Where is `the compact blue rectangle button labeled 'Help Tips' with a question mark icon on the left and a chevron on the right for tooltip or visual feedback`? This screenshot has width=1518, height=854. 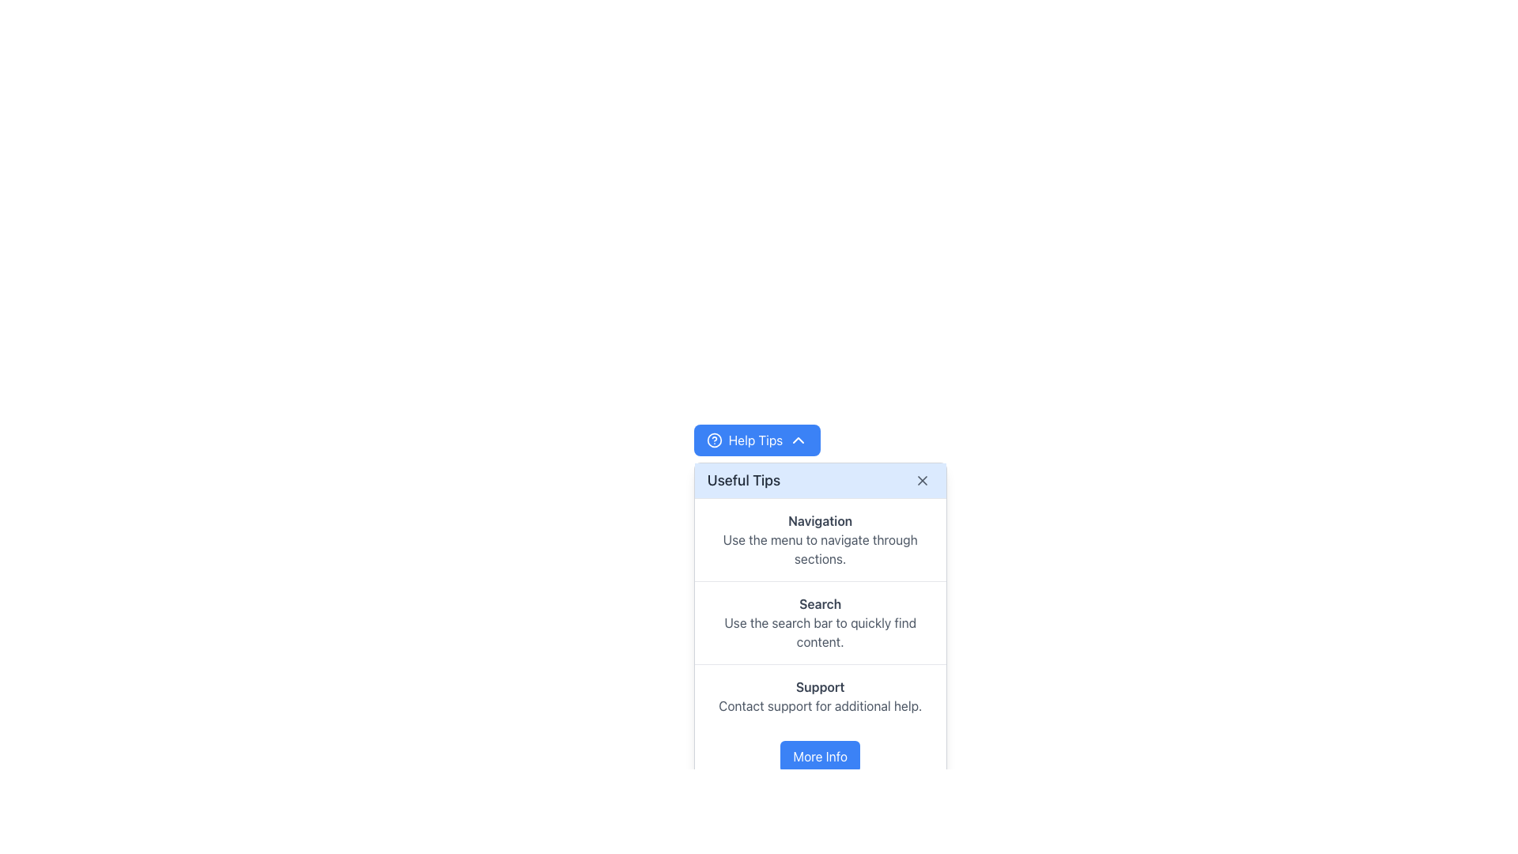
the compact blue rectangle button labeled 'Help Tips' with a question mark icon on the left and a chevron on the right for tooltip or visual feedback is located at coordinates (757, 440).